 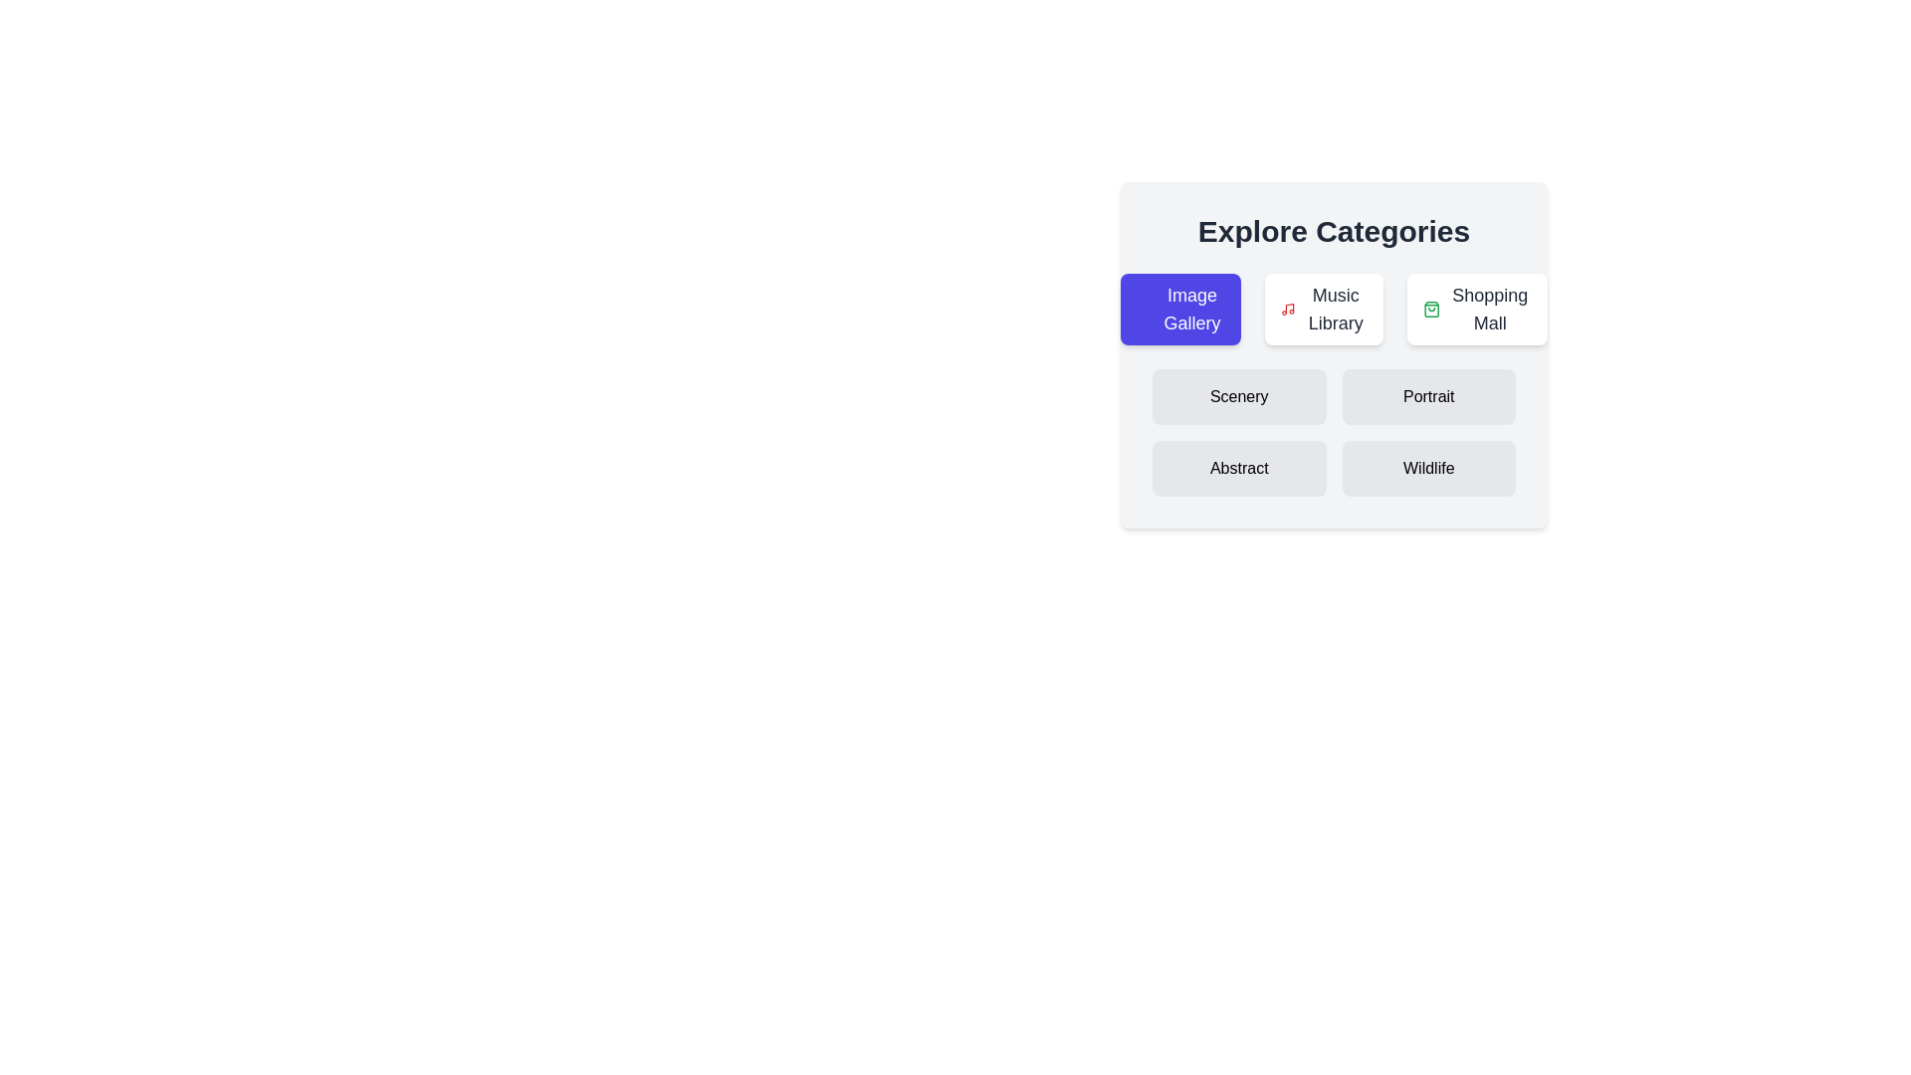 What do you see at coordinates (1334, 310) in the screenshot?
I see `the 'Music Library' button, which is the second button in a row beneath the 'Explore Categories' title` at bounding box center [1334, 310].